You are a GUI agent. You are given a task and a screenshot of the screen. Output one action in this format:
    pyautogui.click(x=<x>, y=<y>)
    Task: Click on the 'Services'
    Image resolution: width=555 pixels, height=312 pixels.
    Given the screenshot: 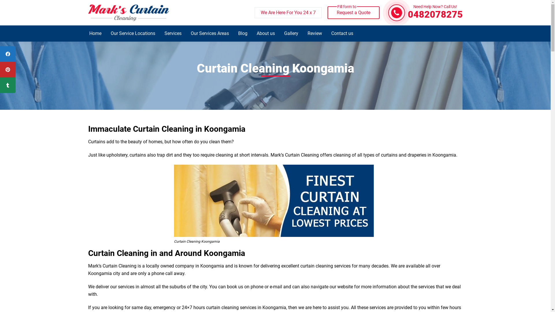 What is the action you would take?
    pyautogui.click(x=160, y=33)
    